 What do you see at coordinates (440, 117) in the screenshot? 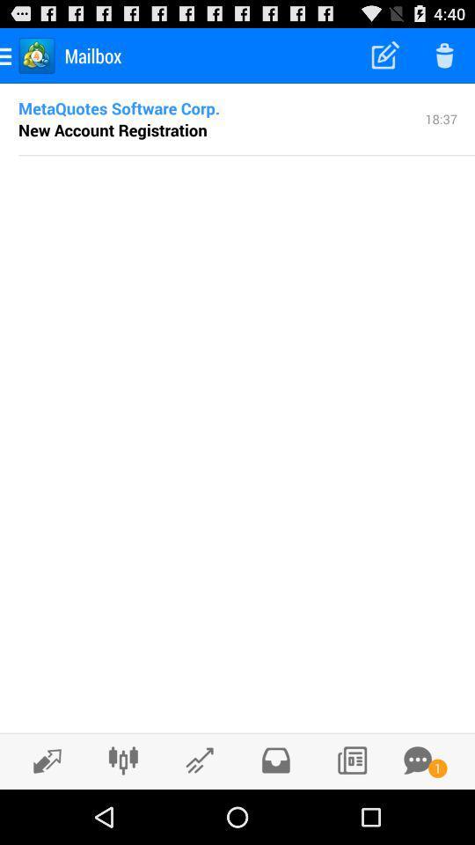
I see `the item to the right of metaquotes software corp. item` at bounding box center [440, 117].